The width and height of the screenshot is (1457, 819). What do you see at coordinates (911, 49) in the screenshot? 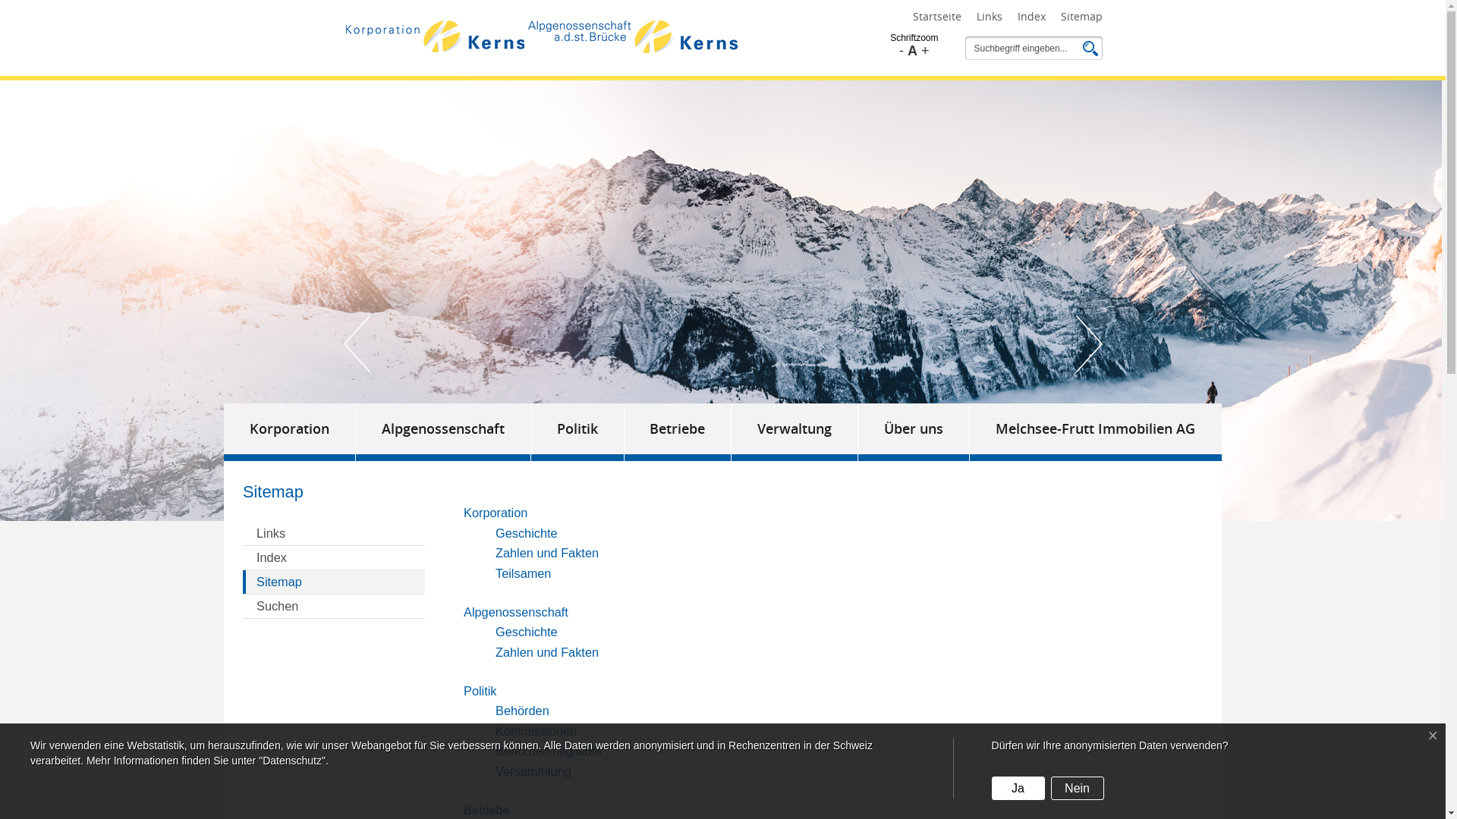
I see `'A'` at bounding box center [911, 49].